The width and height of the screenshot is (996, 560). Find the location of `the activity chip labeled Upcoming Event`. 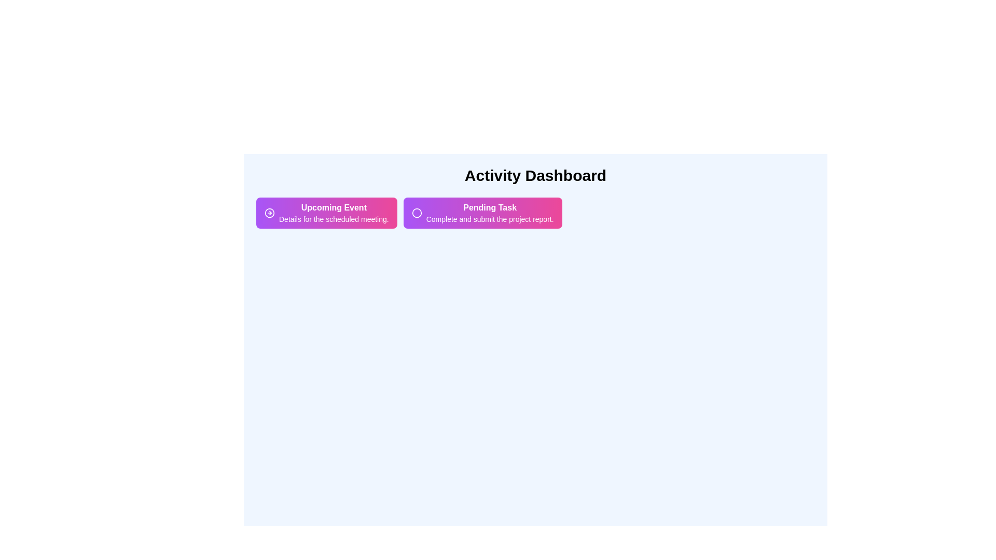

the activity chip labeled Upcoming Event is located at coordinates (326, 213).